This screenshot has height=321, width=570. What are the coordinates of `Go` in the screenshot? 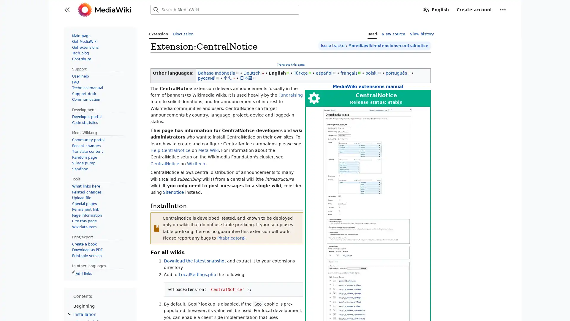 It's located at (156, 10).